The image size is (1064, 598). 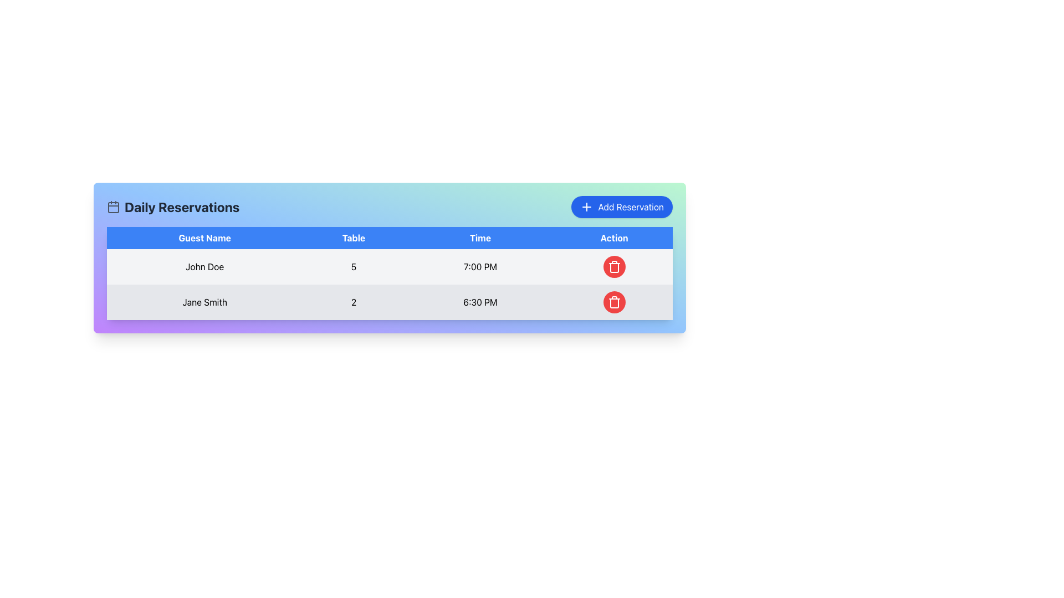 I want to click on the red Icon Button in the 'Action' column of the second row of the table, so click(x=613, y=302).